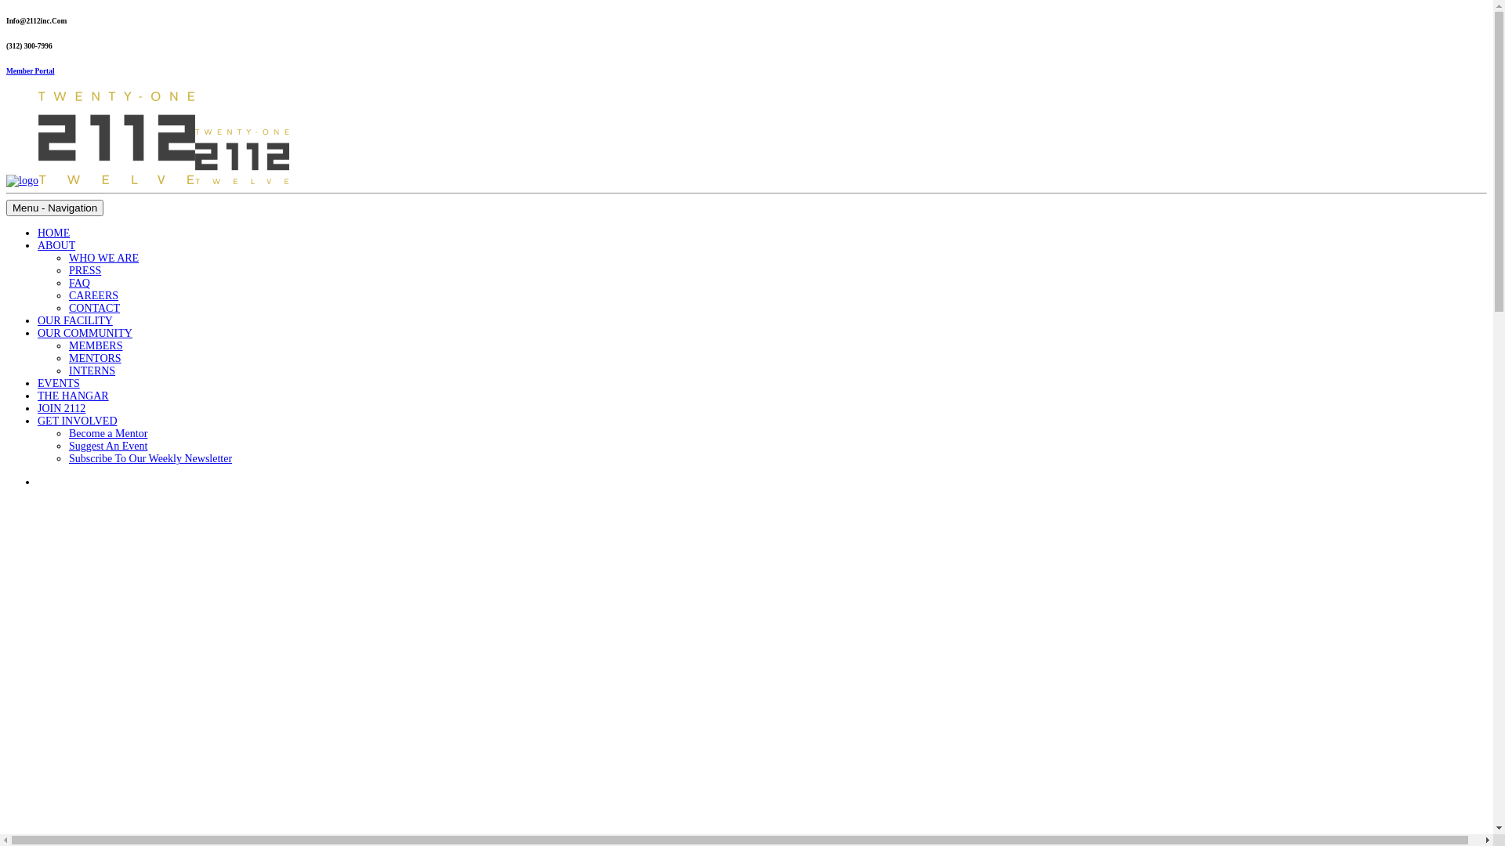  Describe the element at coordinates (92, 295) in the screenshot. I see `'CAREERS'` at that location.